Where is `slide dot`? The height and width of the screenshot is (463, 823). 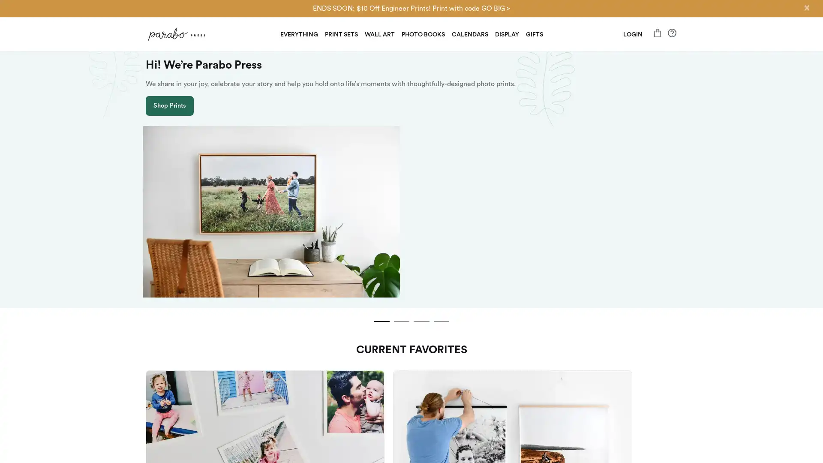 slide dot is located at coordinates (450, 237).